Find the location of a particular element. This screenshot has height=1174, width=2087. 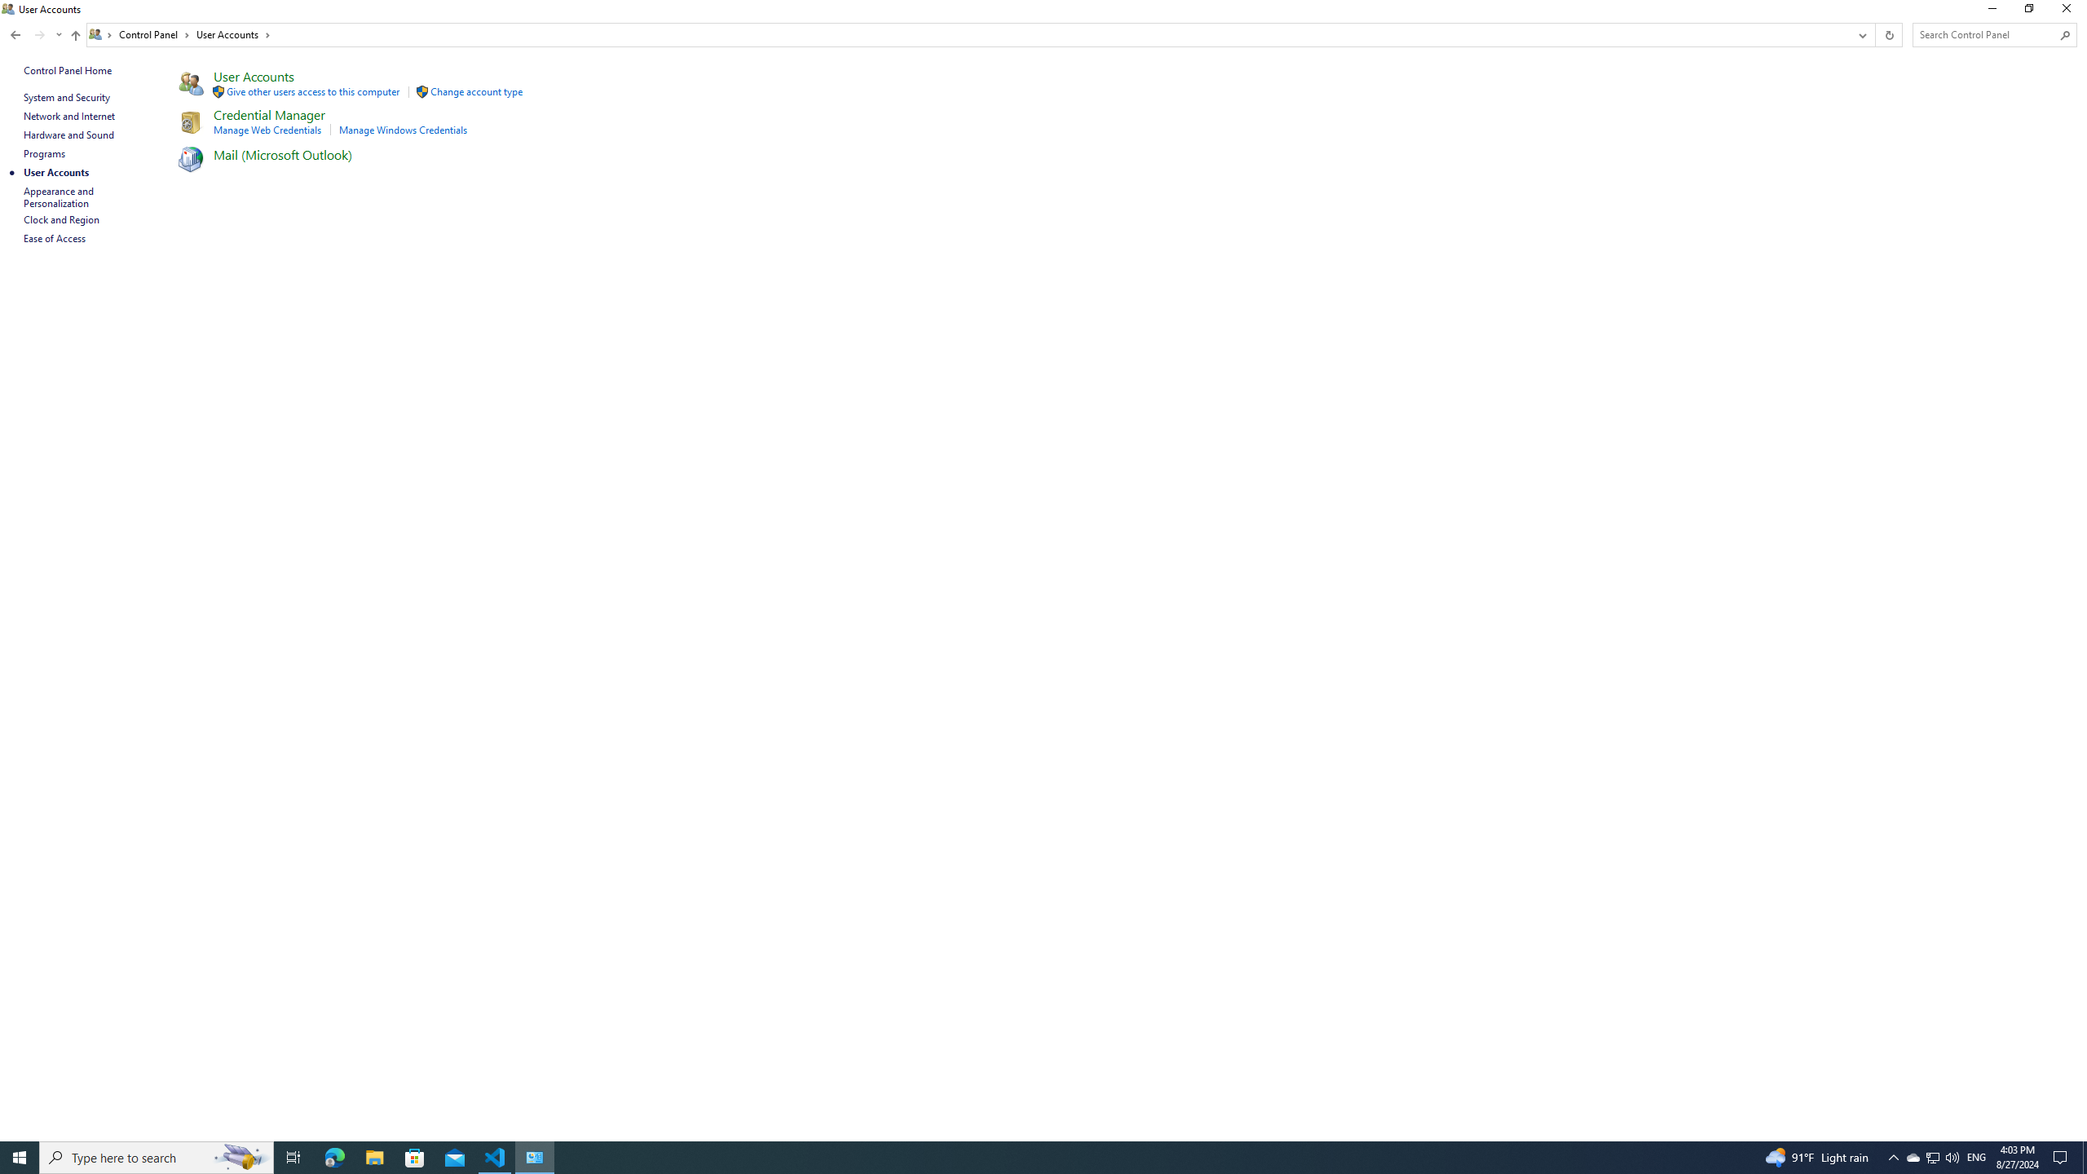

'Icon' is located at coordinates (189, 159).